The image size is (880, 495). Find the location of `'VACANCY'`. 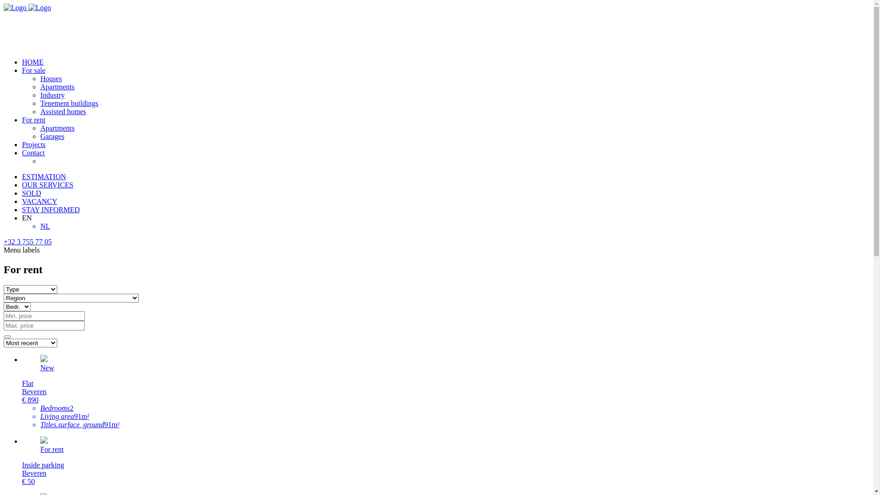

'VACANCY' is located at coordinates (22, 201).